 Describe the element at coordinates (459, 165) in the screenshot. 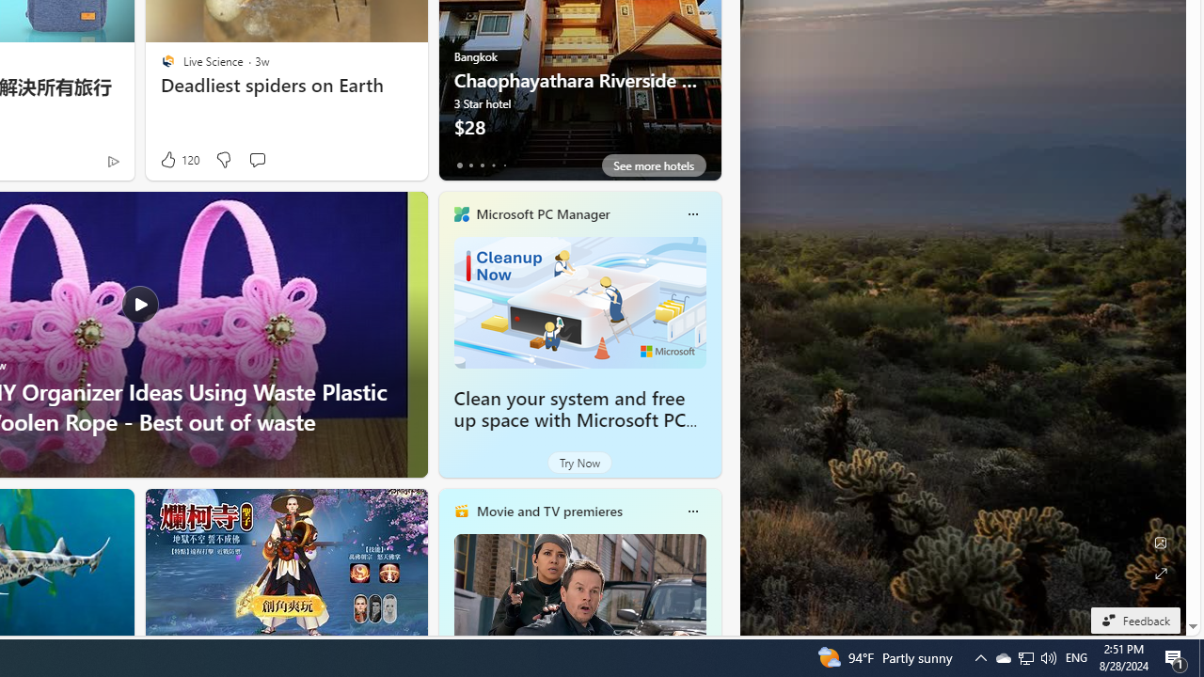

I see `'tab-0'` at that location.